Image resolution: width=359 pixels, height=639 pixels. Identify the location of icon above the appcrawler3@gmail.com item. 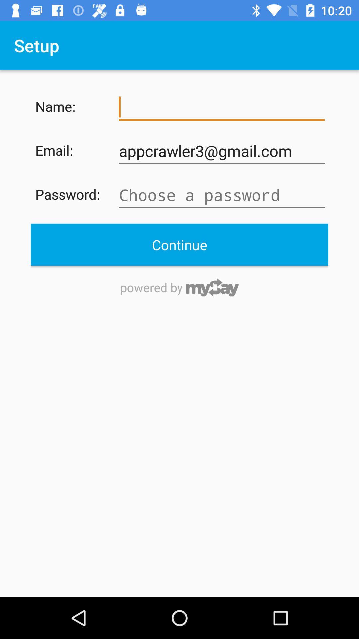
(222, 107).